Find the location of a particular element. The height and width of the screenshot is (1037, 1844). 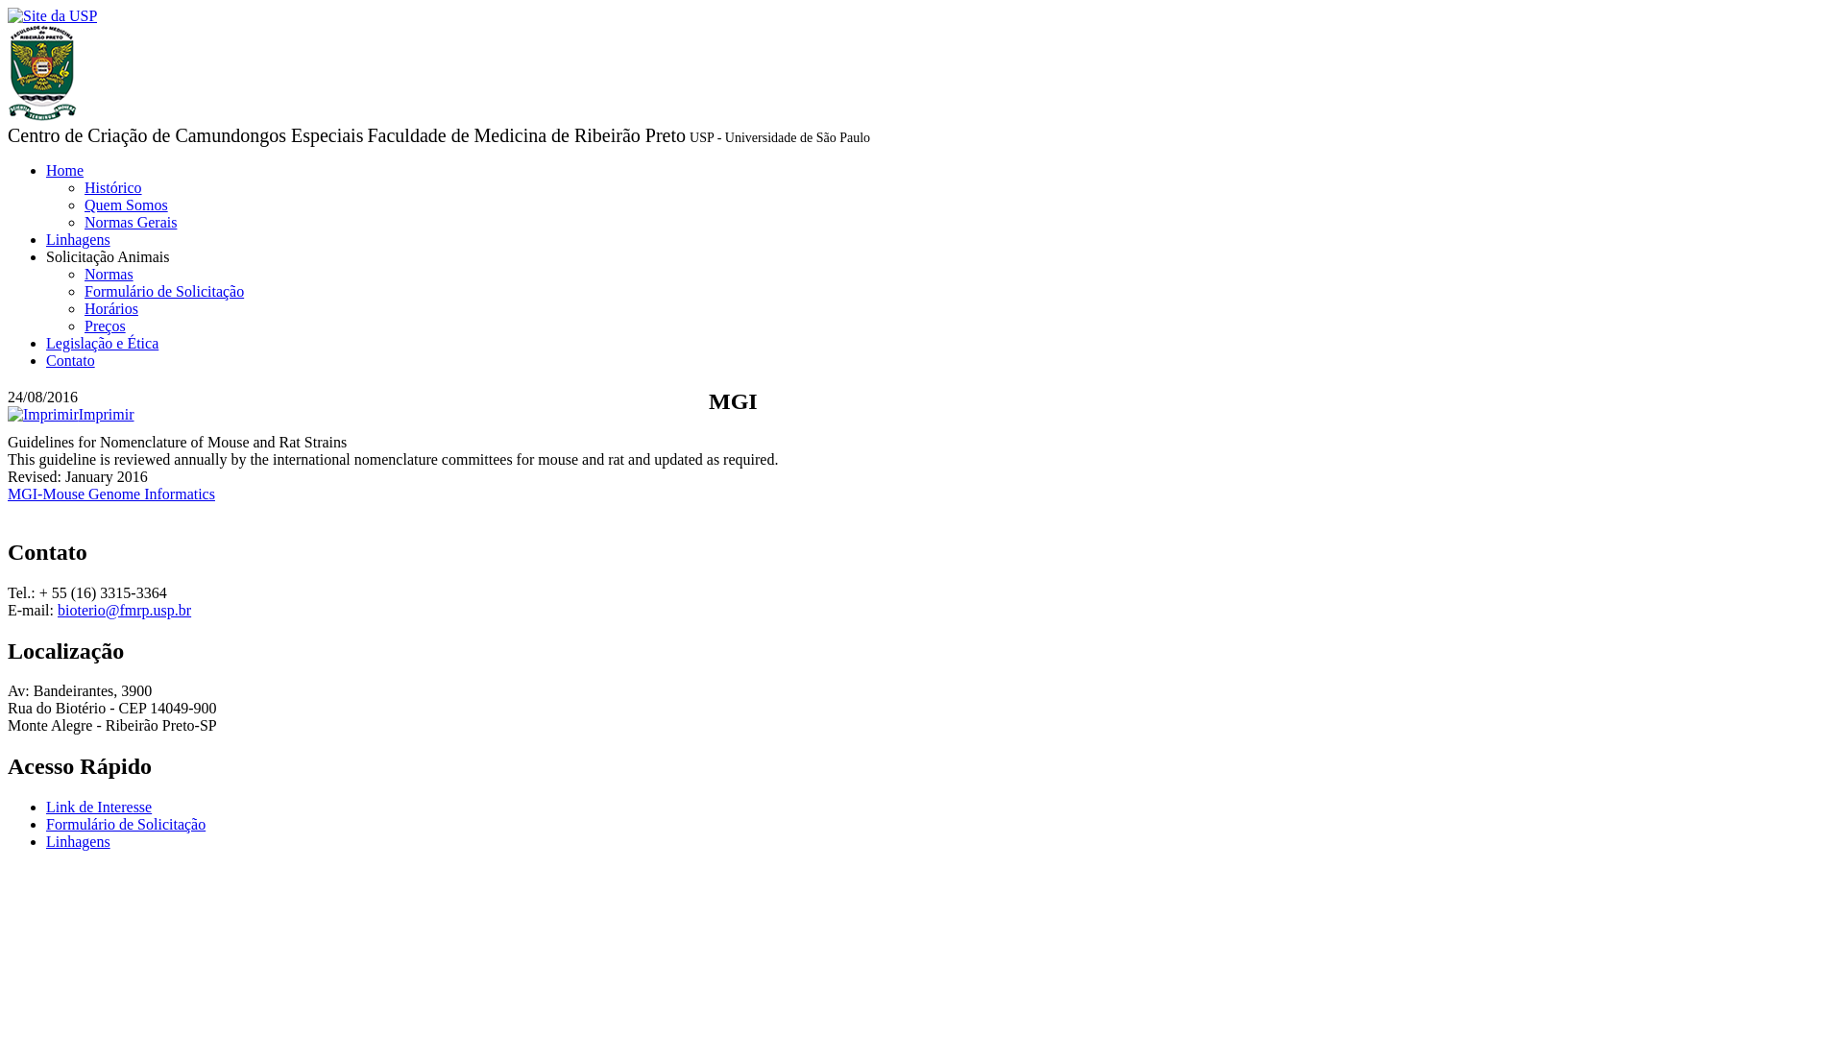

'Home' is located at coordinates (64, 169).